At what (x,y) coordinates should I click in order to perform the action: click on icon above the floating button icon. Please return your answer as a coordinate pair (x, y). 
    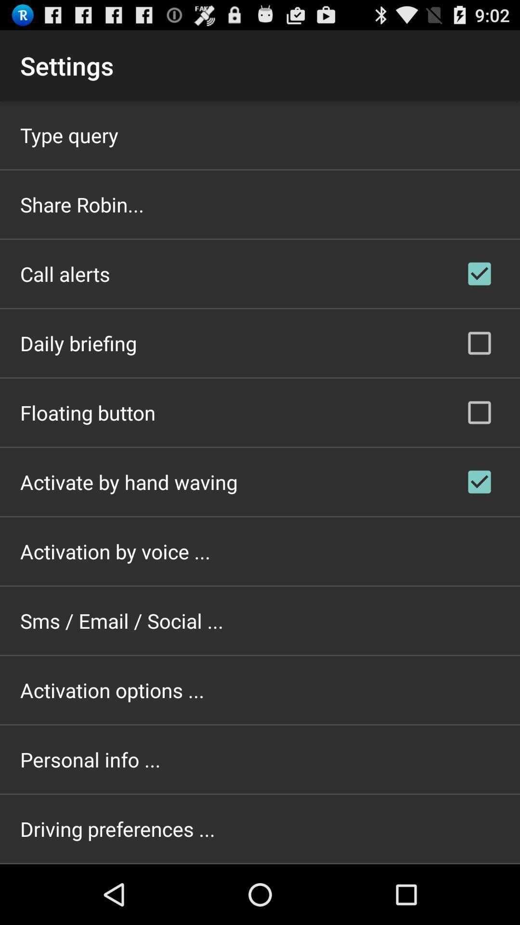
    Looking at the image, I should click on (78, 343).